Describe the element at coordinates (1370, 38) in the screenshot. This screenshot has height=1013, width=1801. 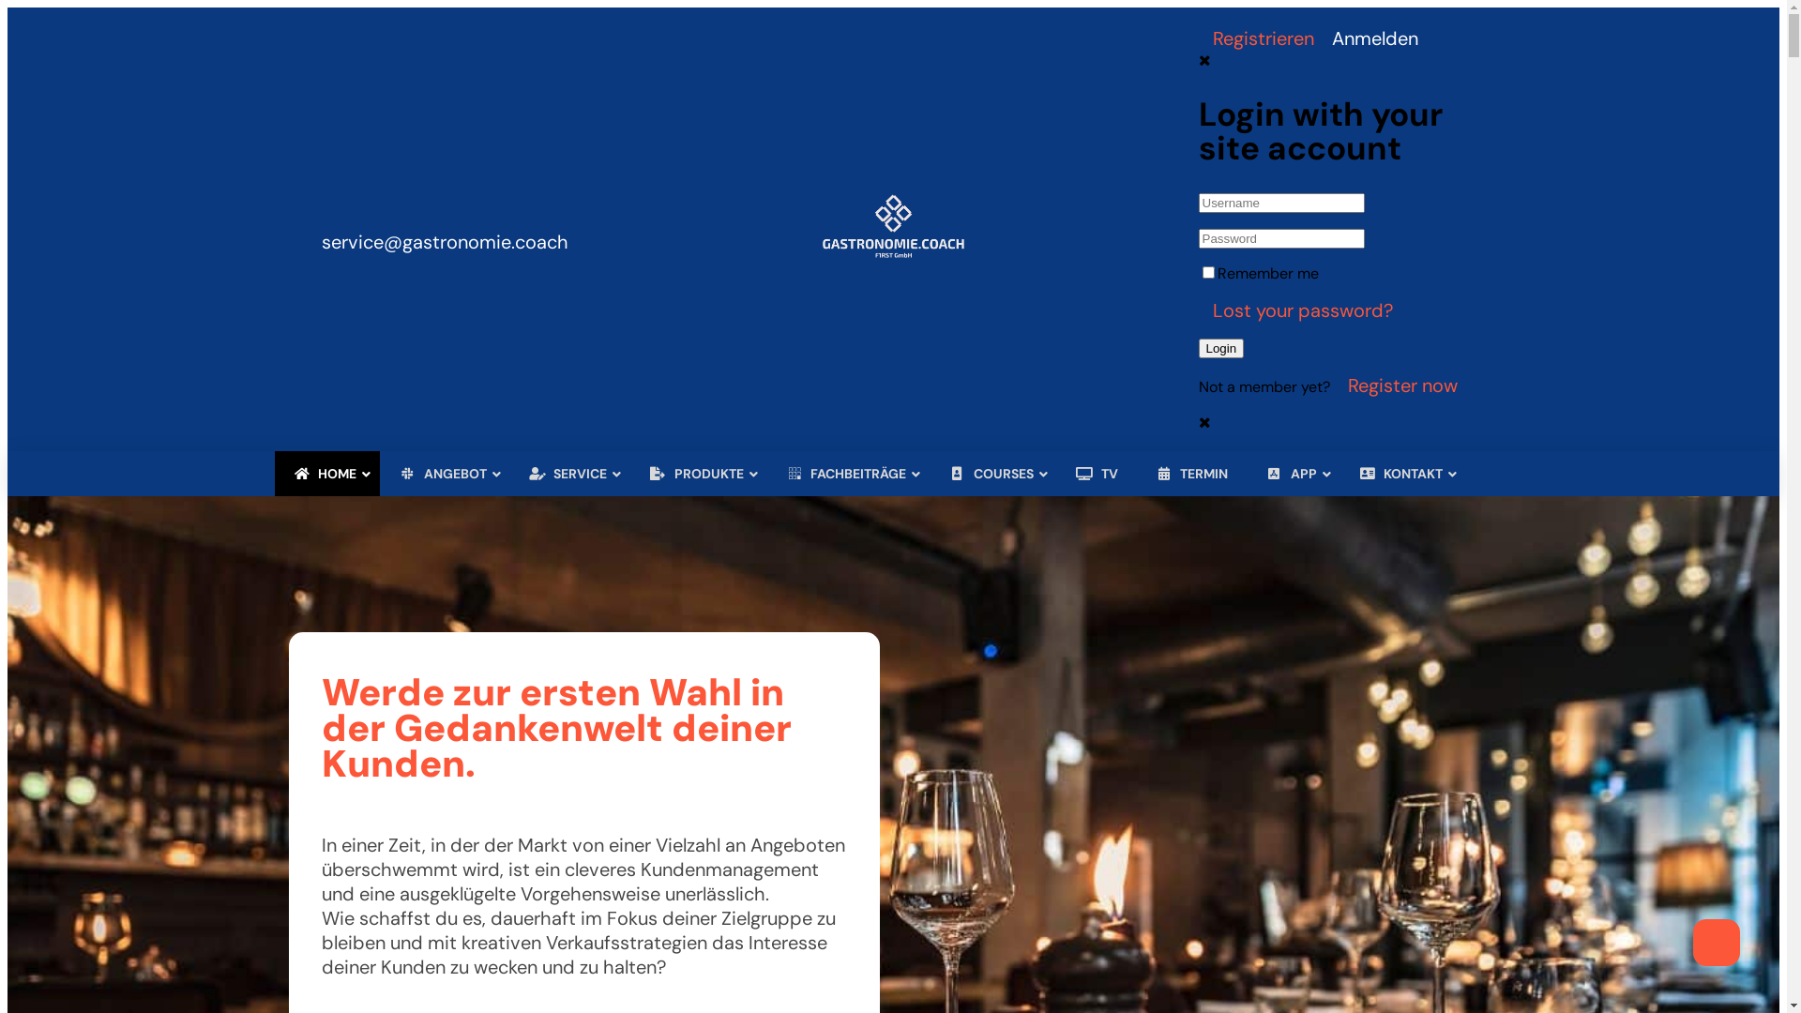
I see `'Anmelden'` at that location.